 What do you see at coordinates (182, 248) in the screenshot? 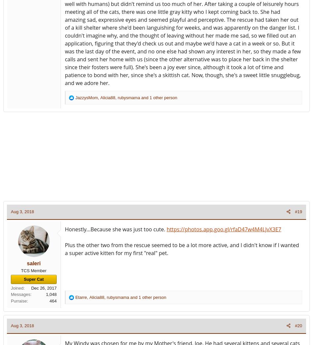
I see `'Plus the other two from the rescue seemed to be a lot more active, and I didn't know if I wanted a super active kitten for my first "real" pet.'` at bounding box center [182, 248].